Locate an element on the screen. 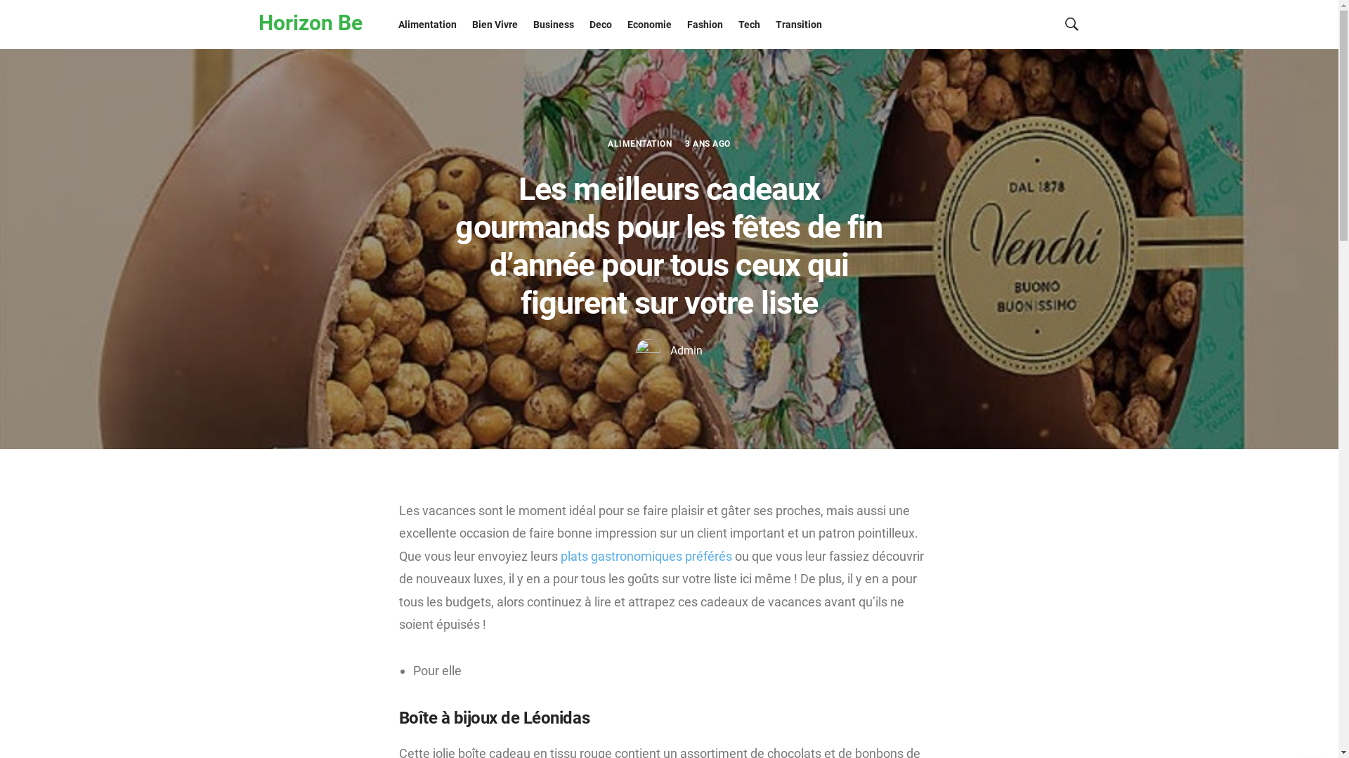 This screenshot has height=758, width=1349. 'Admin' is located at coordinates (668, 350).